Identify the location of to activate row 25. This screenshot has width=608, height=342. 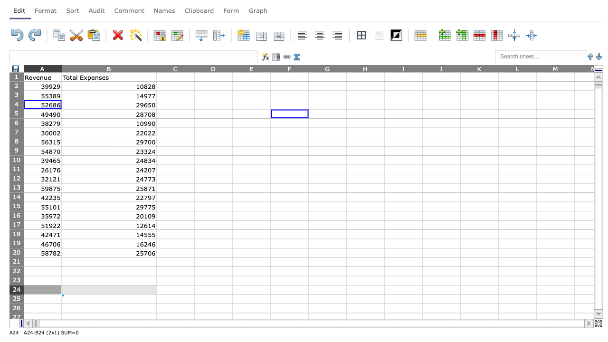
(16, 298).